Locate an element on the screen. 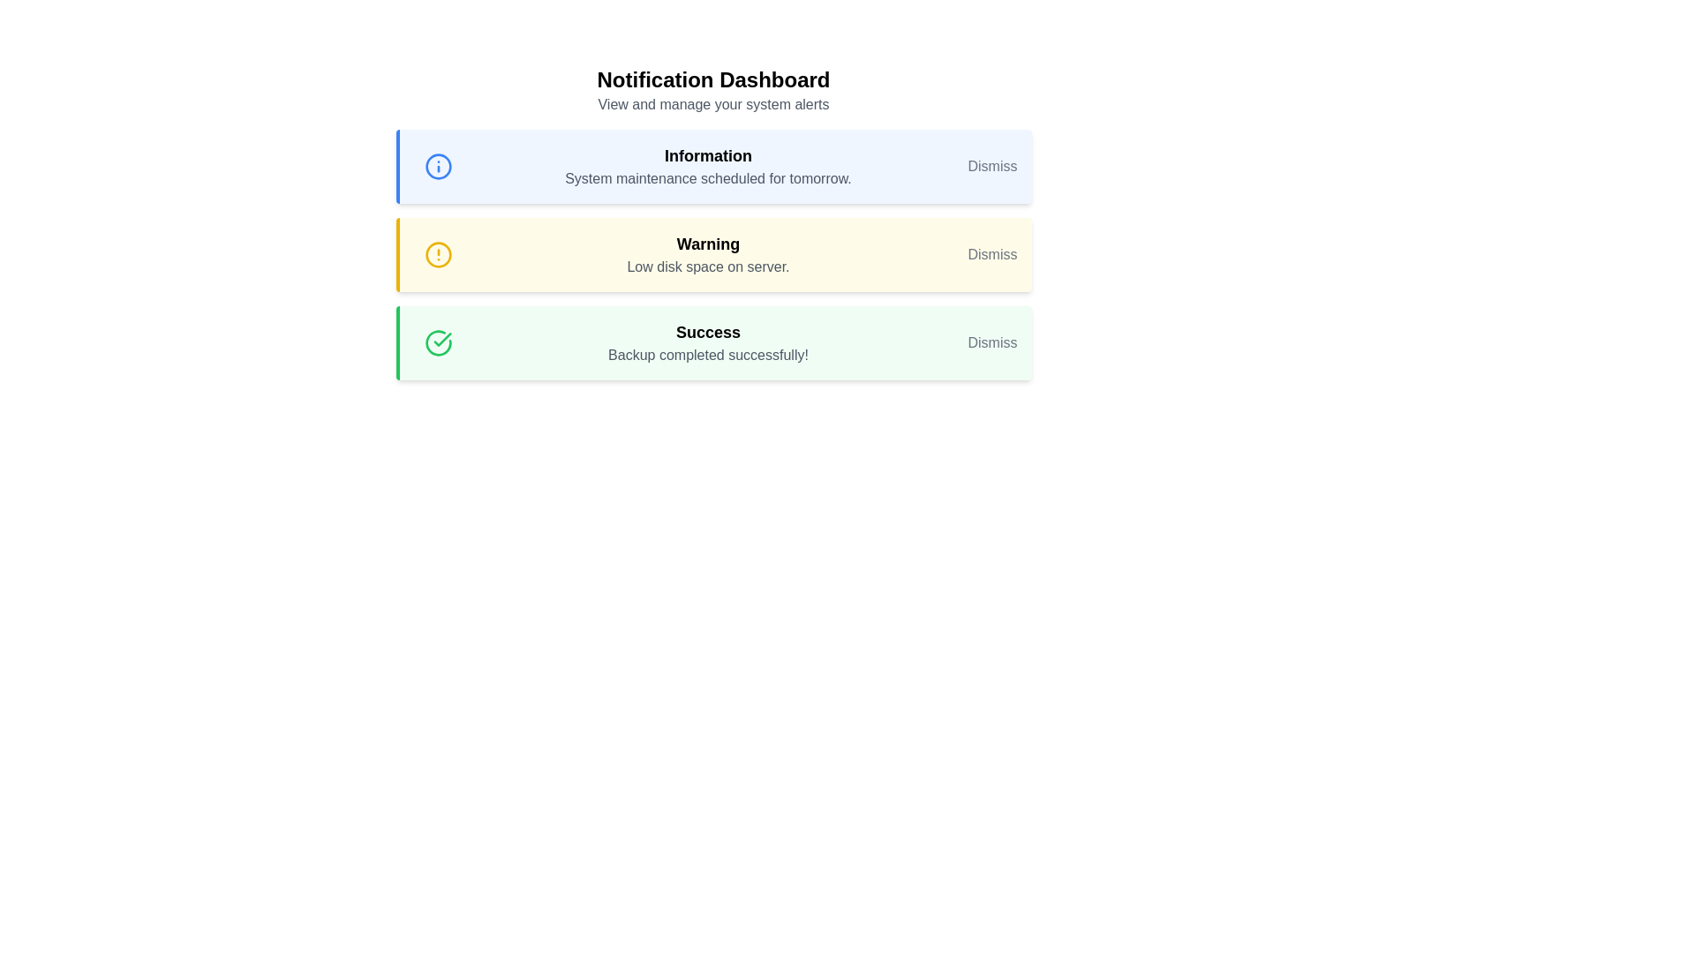 The image size is (1695, 953). the notification message display that shows 'Warning' in bold and 'Low disk space on server.' below it, located in the second notification box of the list is located at coordinates (708, 255).